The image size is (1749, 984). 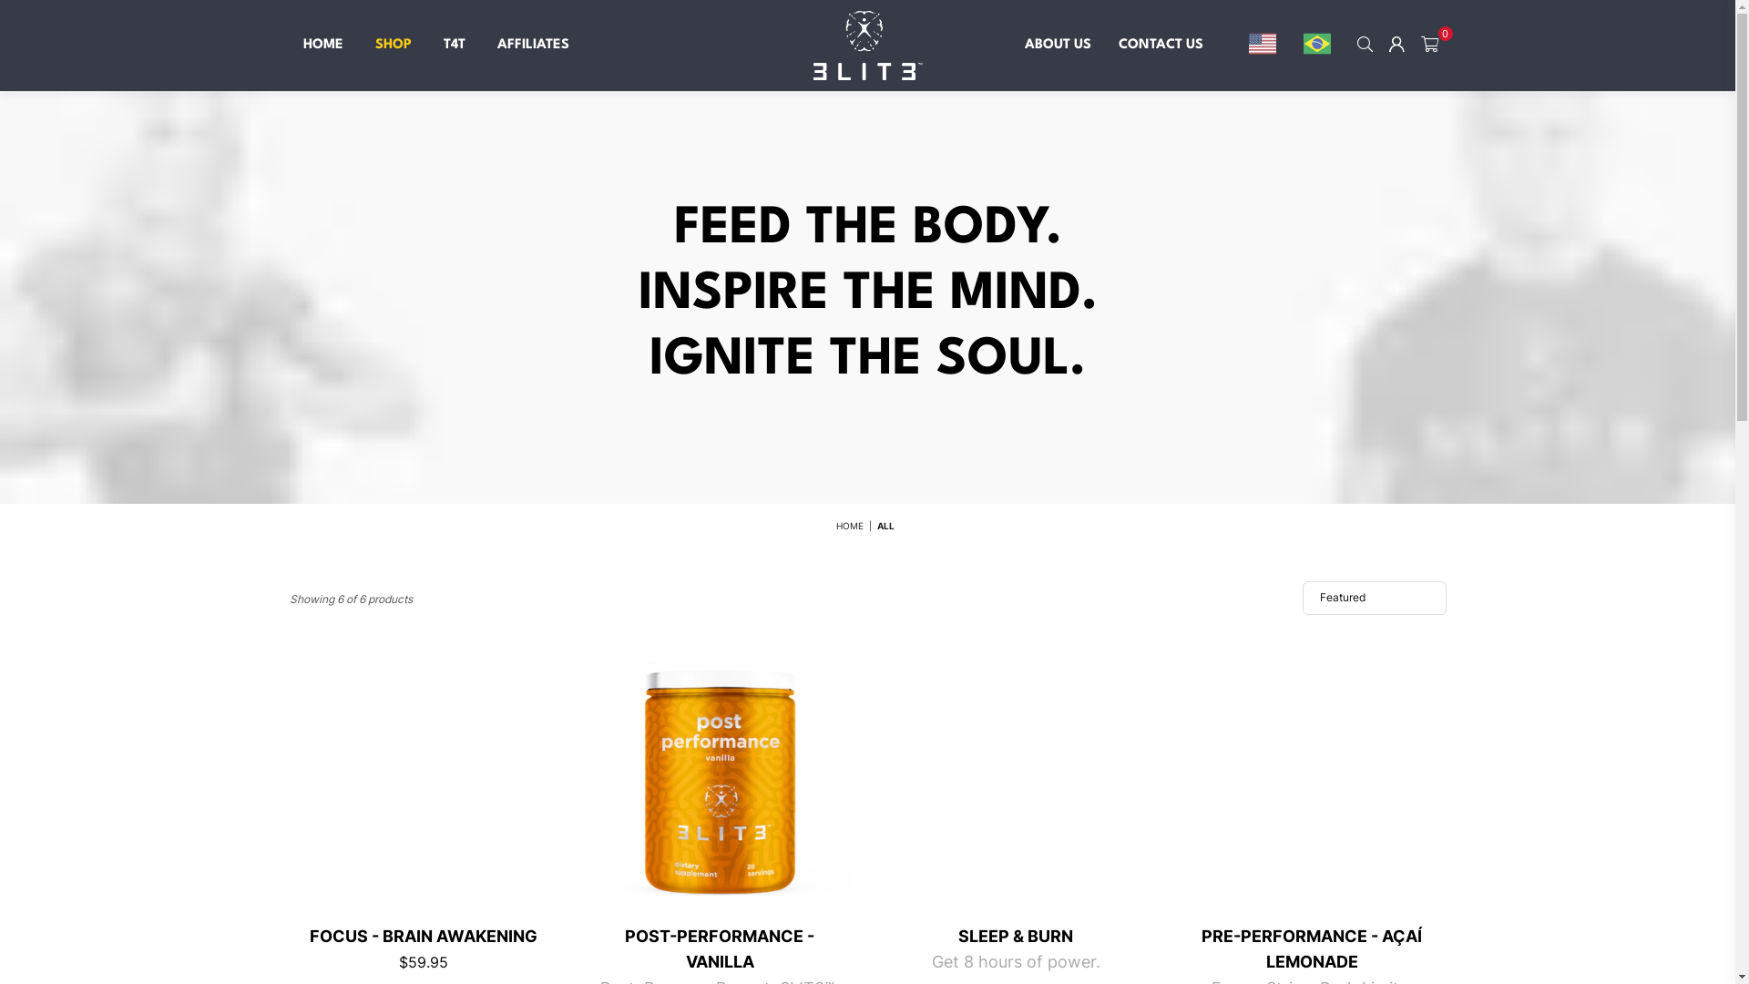 I want to click on 'SHOP', so click(x=392, y=45).